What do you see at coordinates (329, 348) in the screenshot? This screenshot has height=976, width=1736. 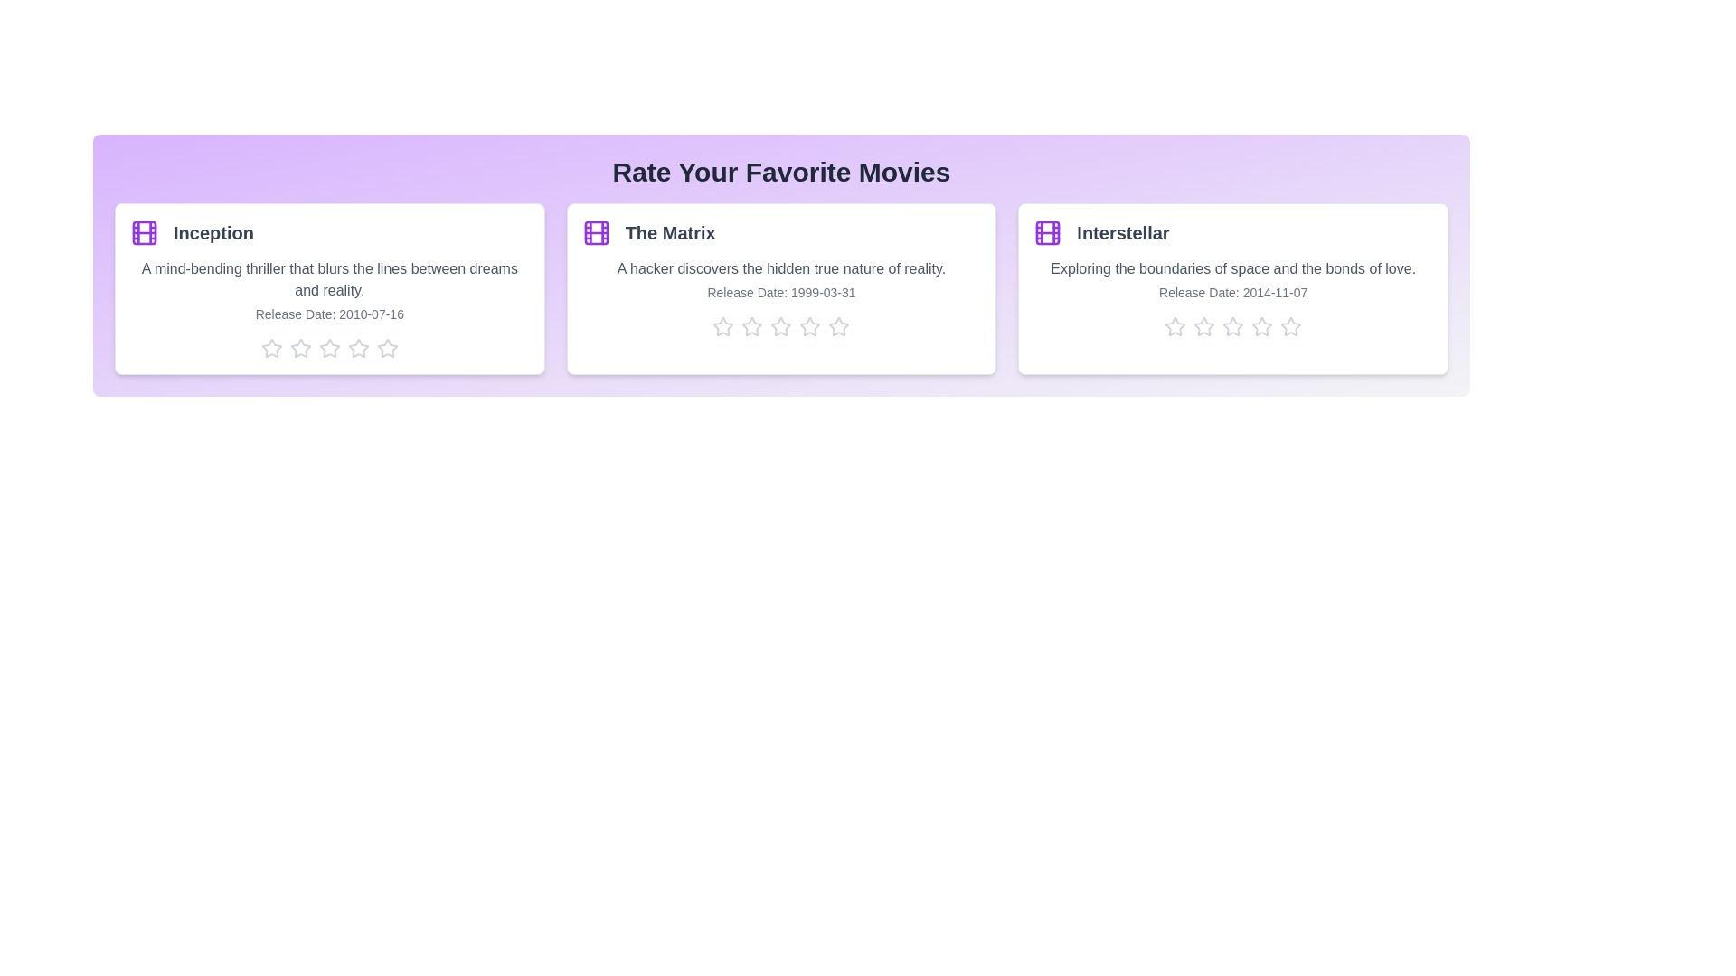 I see `the star corresponding to 3 stars for the movie Inception` at bounding box center [329, 348].